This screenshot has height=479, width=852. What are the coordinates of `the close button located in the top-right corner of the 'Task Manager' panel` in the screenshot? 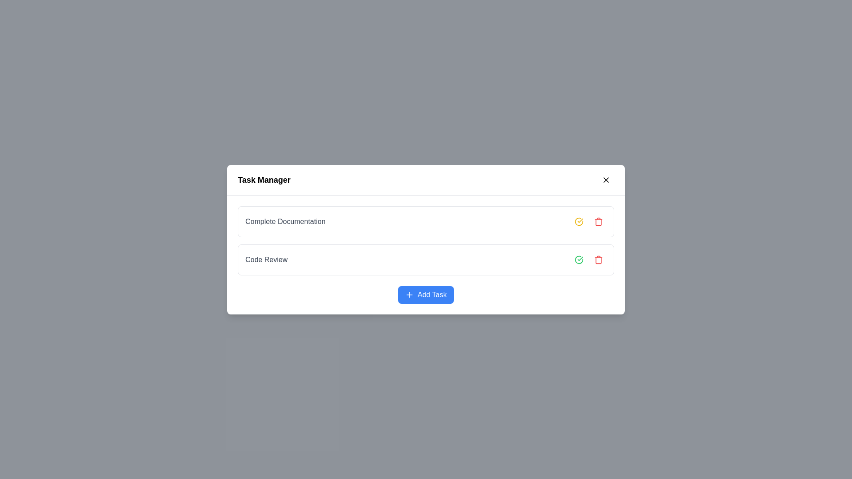 It's located at (606, 180).